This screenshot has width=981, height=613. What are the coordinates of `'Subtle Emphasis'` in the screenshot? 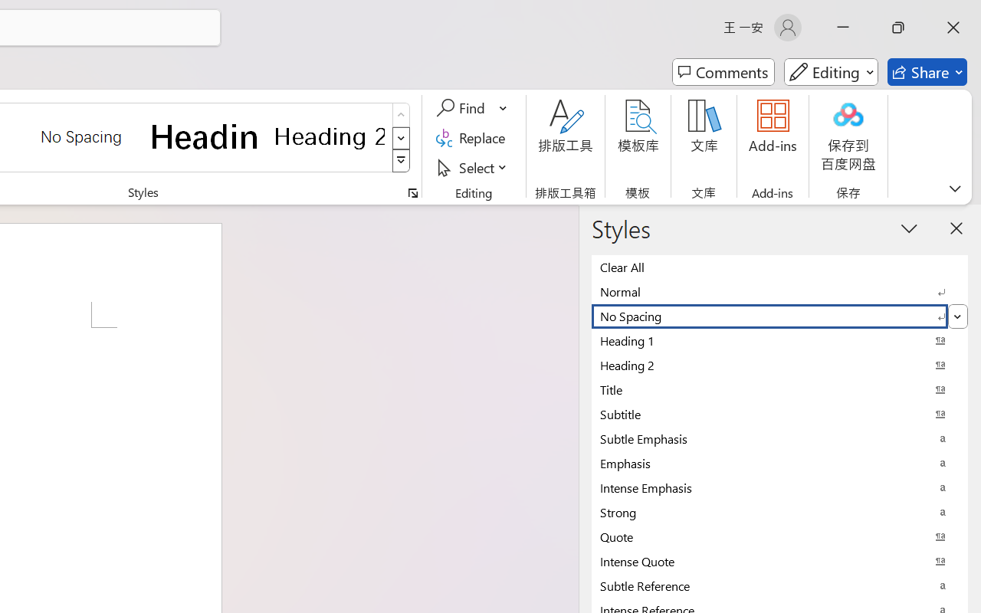 It's located at (779, 438).